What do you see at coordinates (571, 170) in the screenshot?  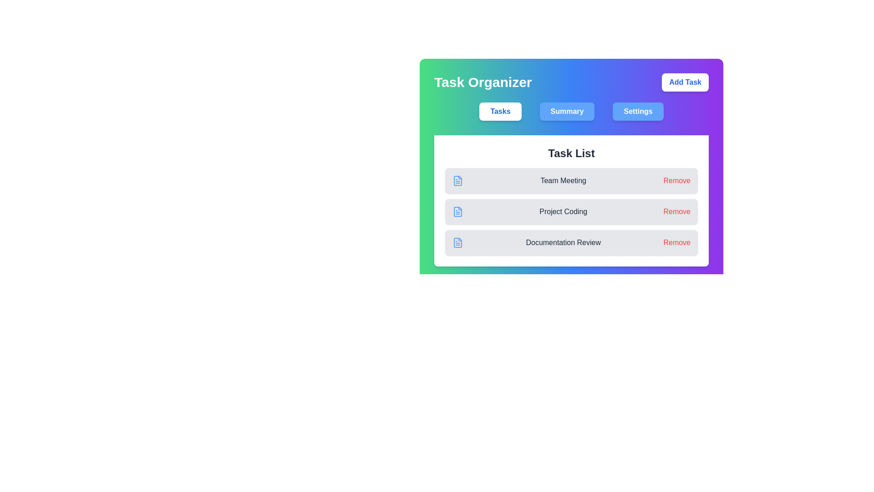 I see `the 'Task List' section of the Task Organizer interface` at bounding box center [571, 170].